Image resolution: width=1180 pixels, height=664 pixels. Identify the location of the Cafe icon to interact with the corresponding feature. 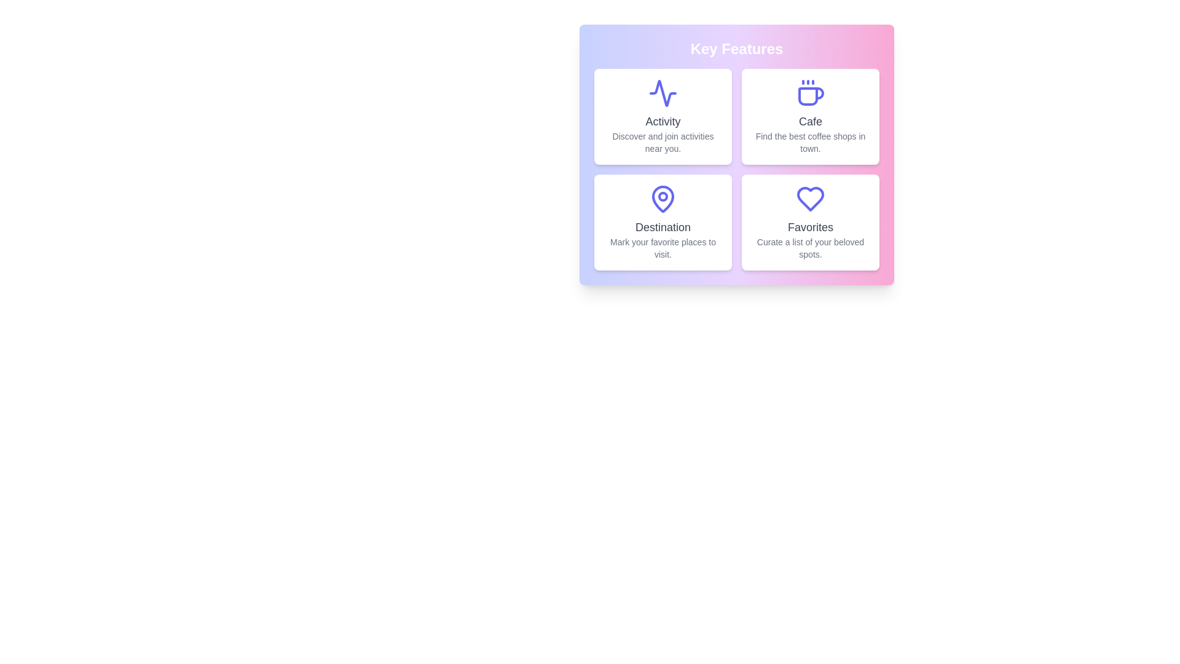
(811, 92).